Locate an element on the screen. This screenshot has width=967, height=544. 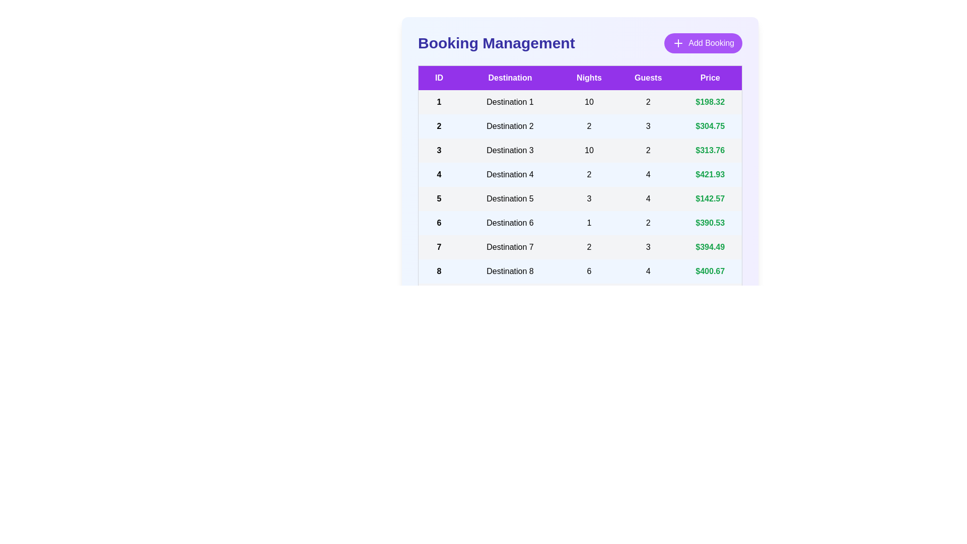
the column header ID to sort the table by that column is located at coordinates (439, 77).